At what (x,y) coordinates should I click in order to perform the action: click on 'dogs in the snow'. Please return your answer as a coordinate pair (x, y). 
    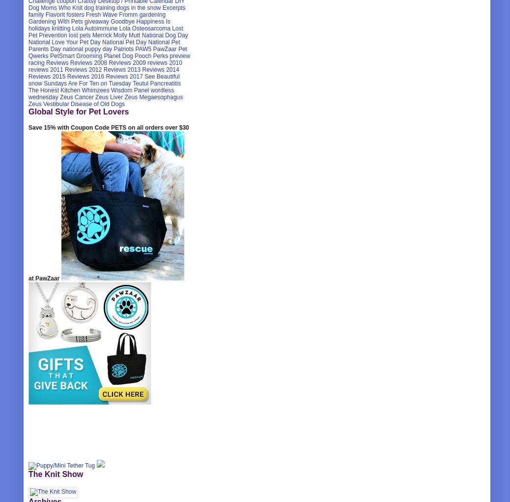
    Looking at the image, I should click on (139, 7).